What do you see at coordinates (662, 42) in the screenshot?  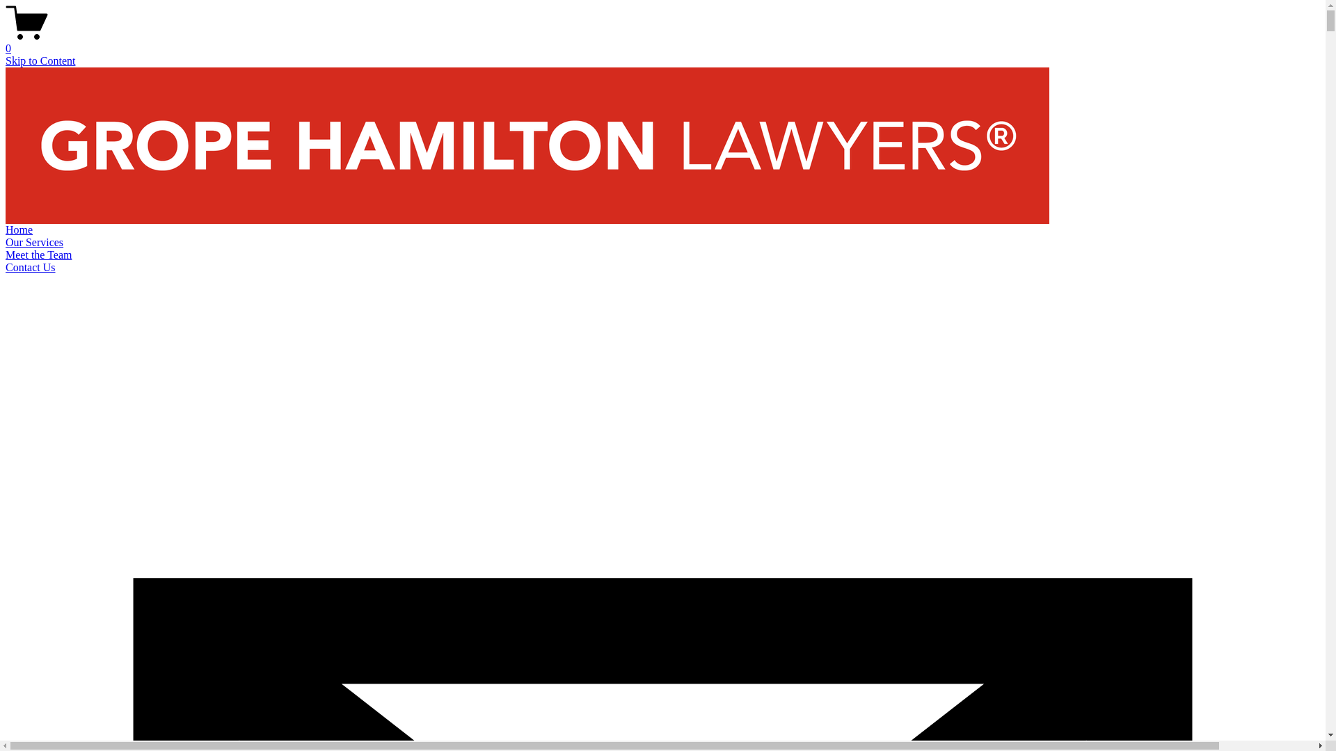 I see `'0'` at bounding box center [662, 42].